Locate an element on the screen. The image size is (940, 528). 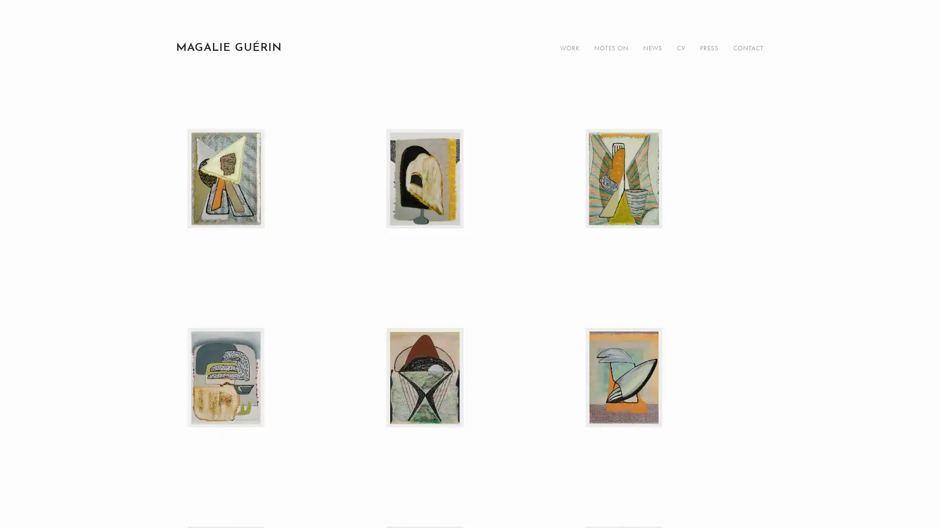
View fullsize Untitled (quarantine painting 05), 2020 is located at coordinates (469, 421).